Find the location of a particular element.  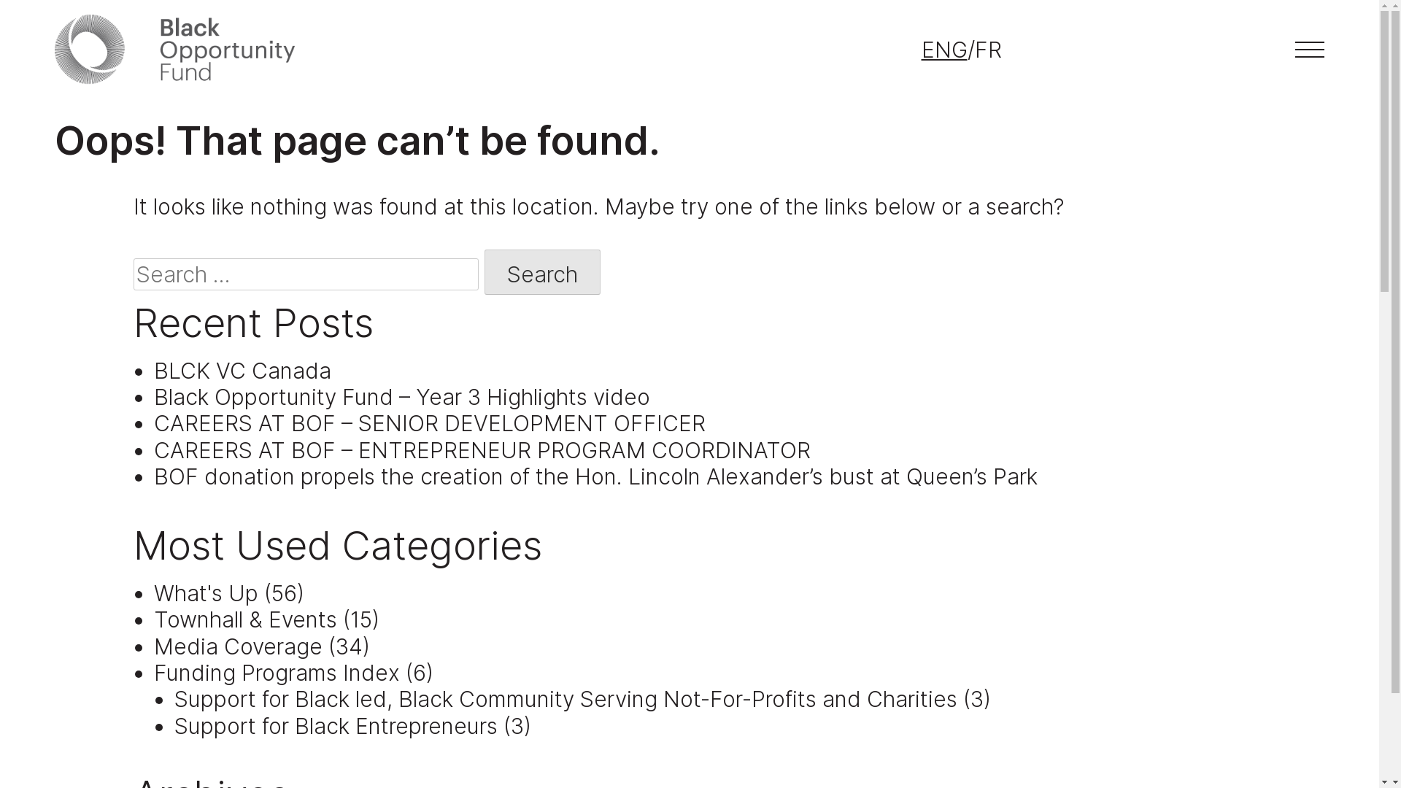

'Search' is located at coordinates (541, 272).